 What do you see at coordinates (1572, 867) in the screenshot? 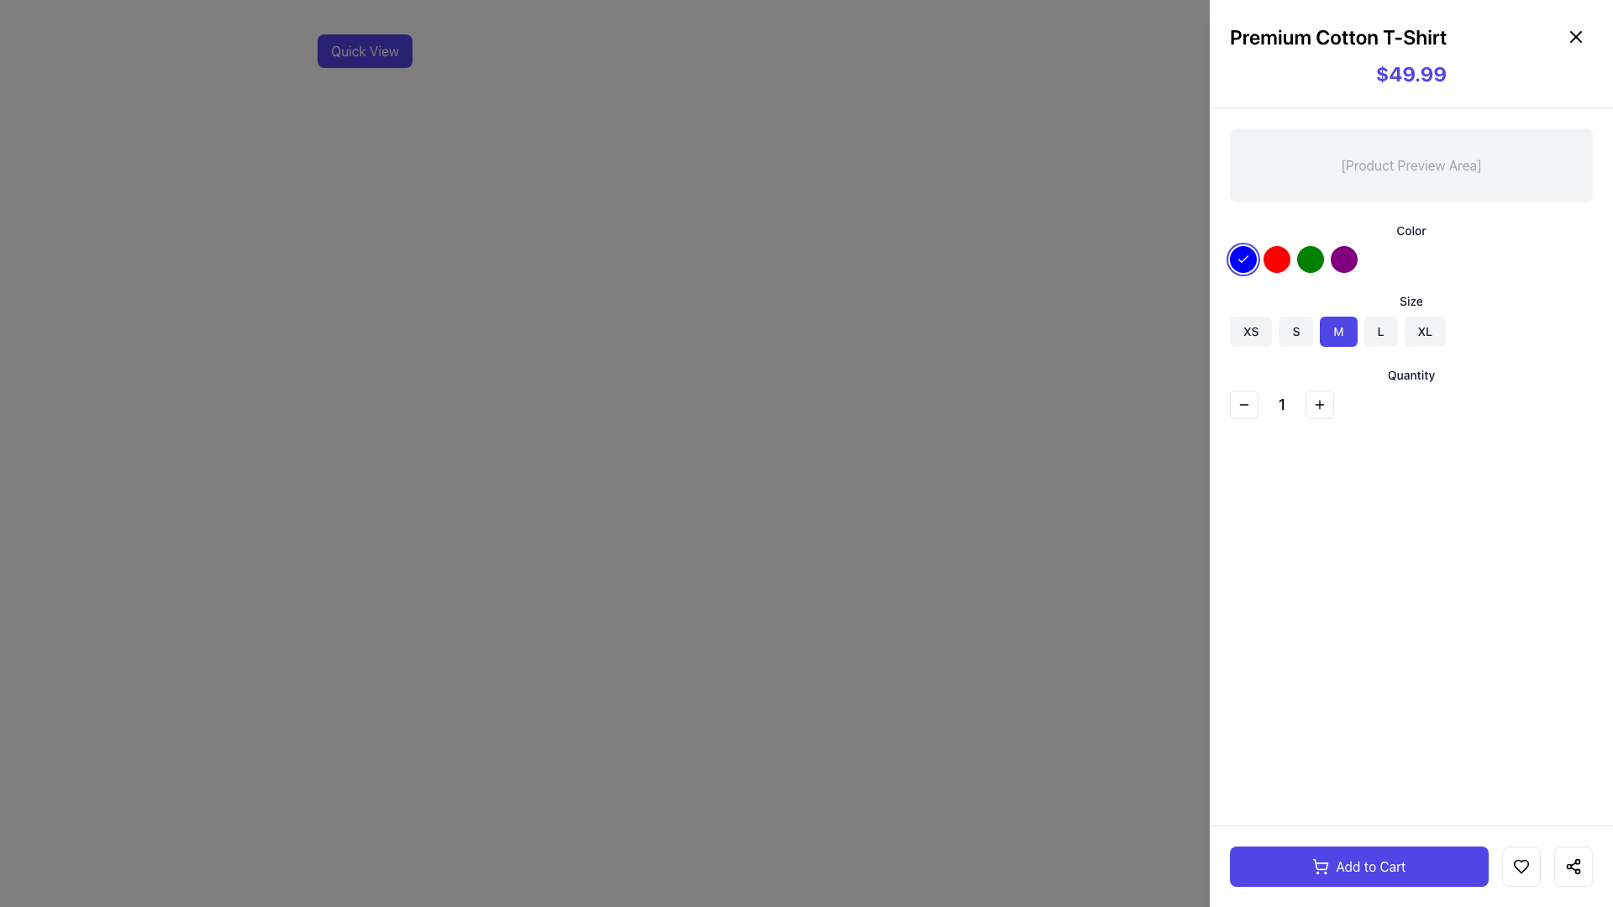
I see `the 'Share' icon located in the bottom-right corner of the interface` at bounding box center [1572, 867].